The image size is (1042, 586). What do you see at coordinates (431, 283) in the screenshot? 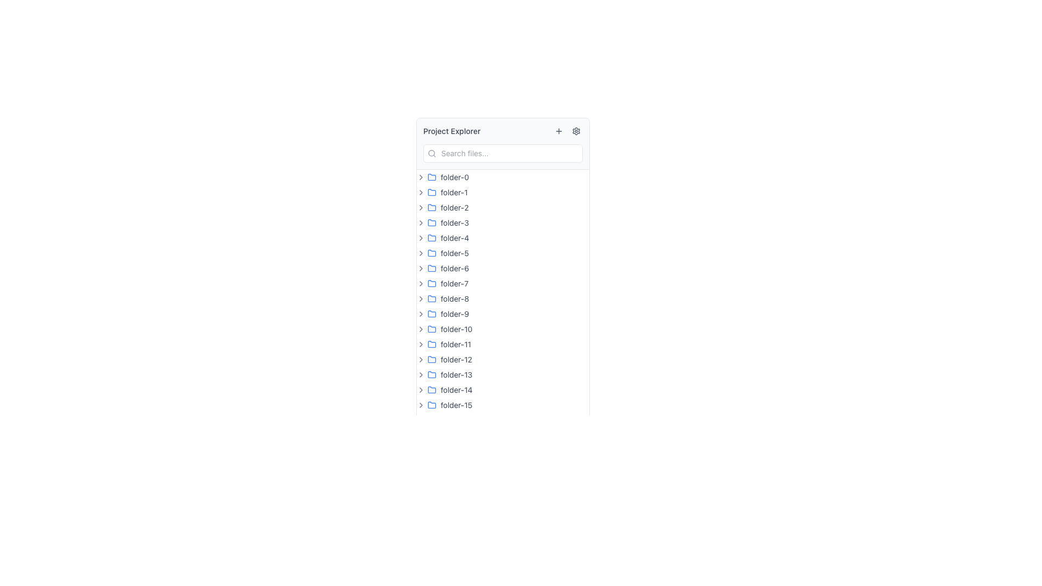
I see `the folder icon located to the left of the text label 'folder-7' in the list of folders` at bounding box center [431, 283].